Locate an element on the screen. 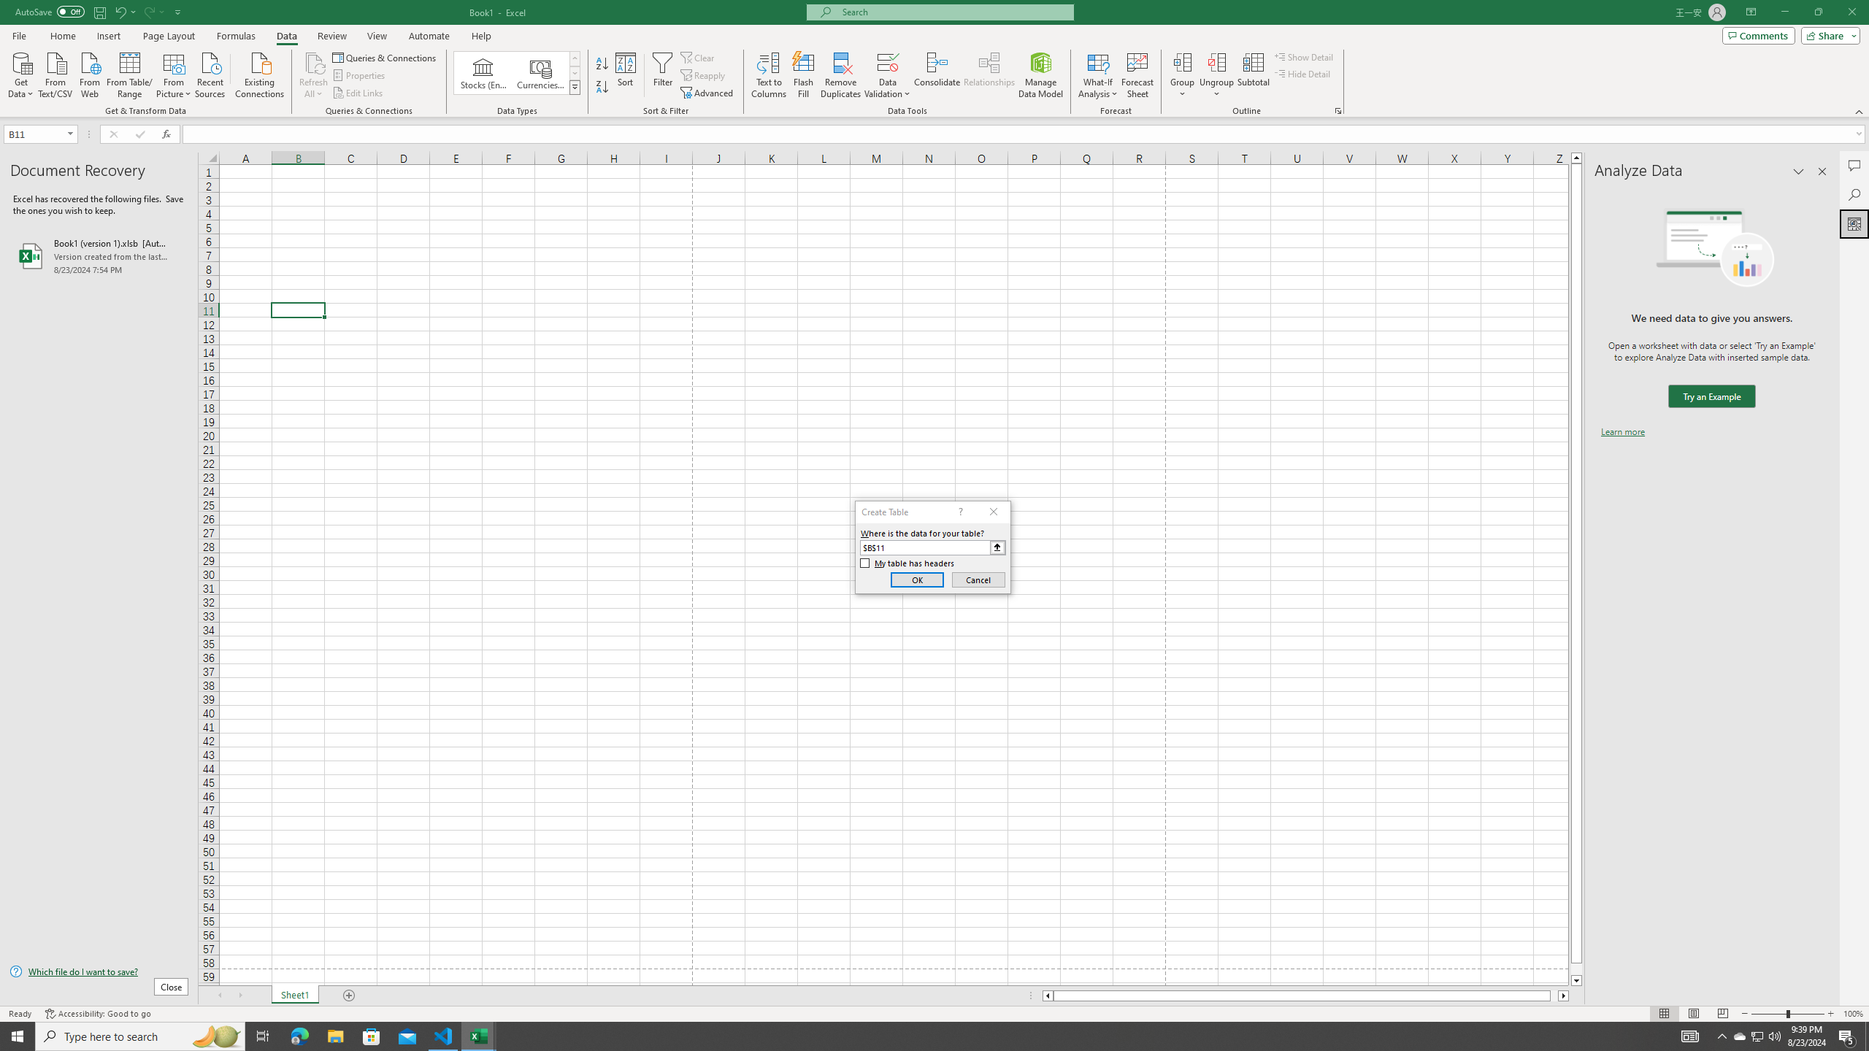  'Advanced...' is located at coordinates (708, 93).